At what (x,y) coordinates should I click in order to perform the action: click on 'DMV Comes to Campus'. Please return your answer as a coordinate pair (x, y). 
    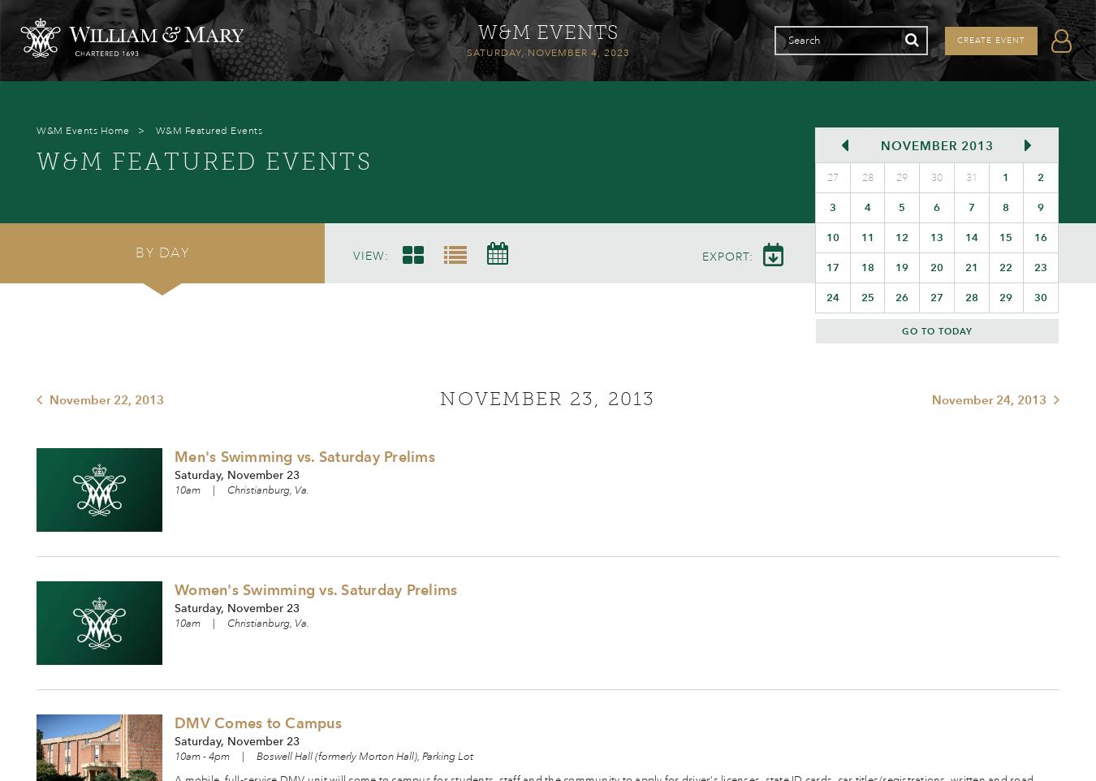
    Looking at the image, I should click on (257, 722).